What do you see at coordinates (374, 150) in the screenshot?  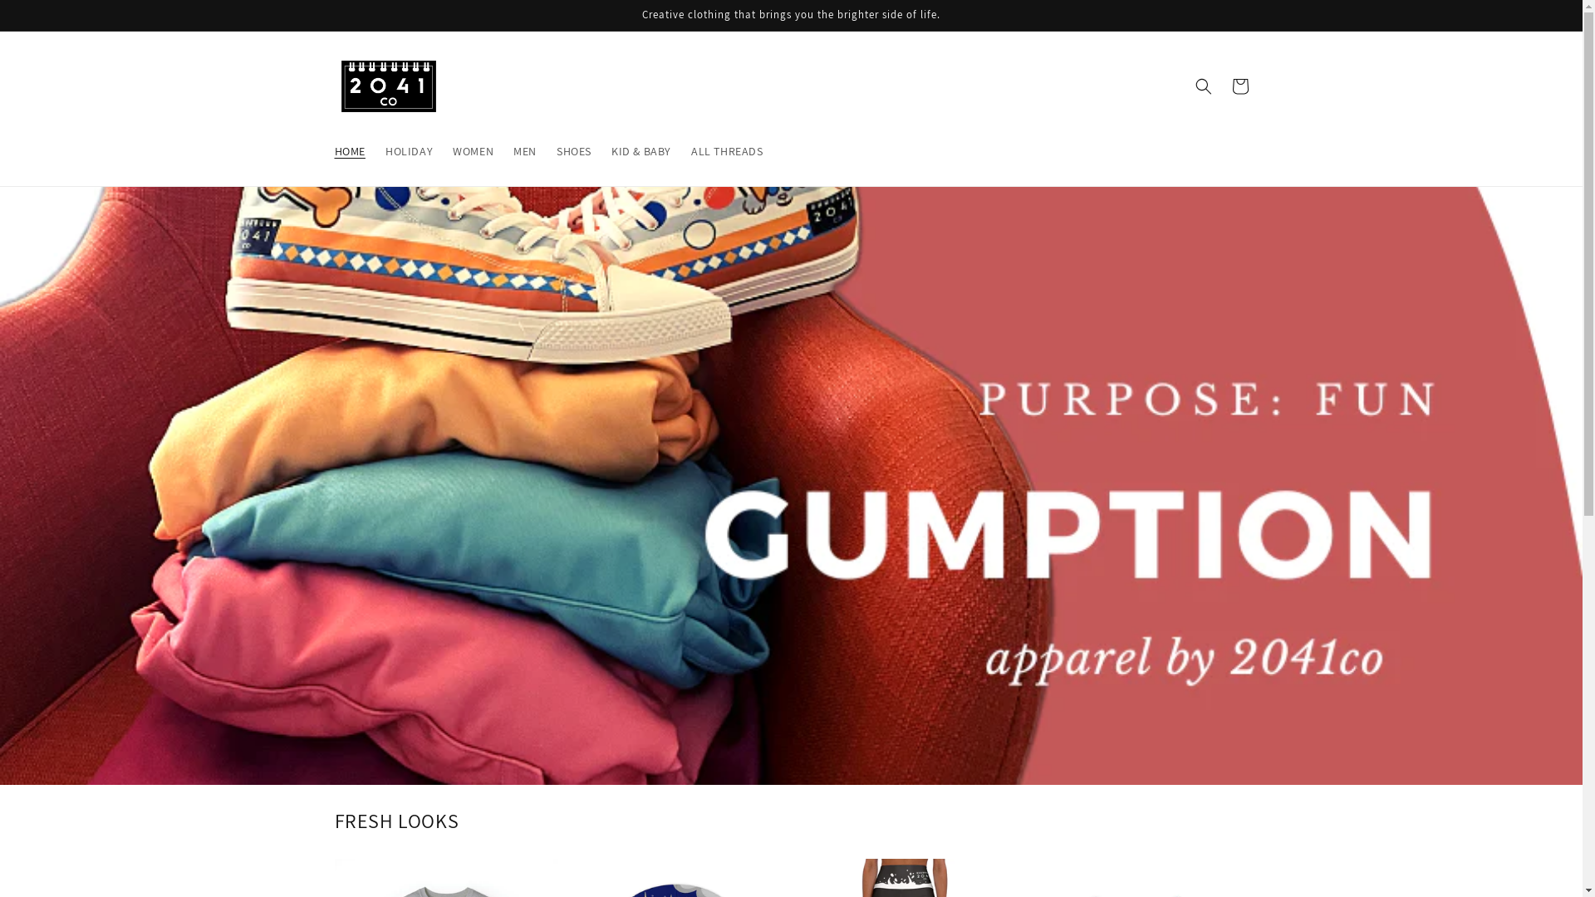 I see `'HOLIDAY'` at bounding box center [374, 150].